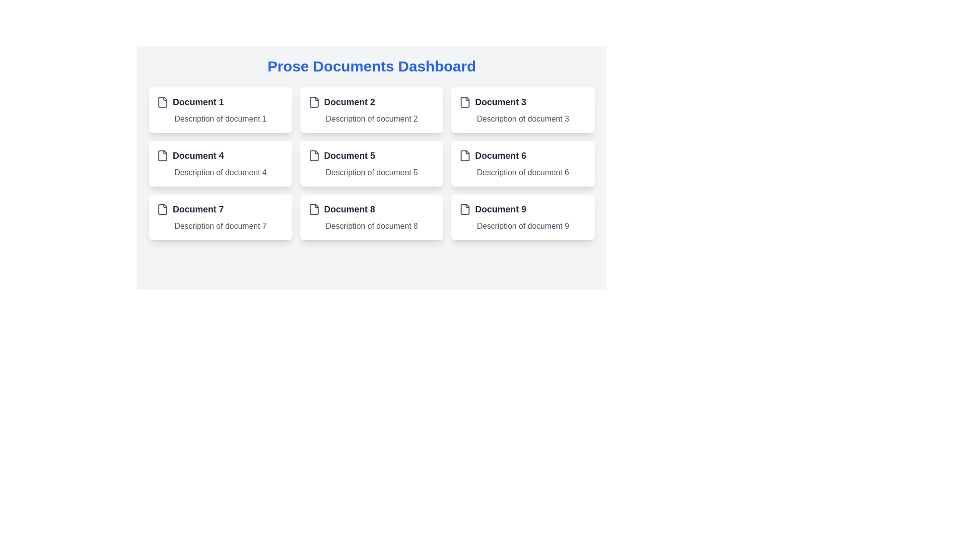 The width and height of the screenshot is (953, 536). I want to click on the descriptive Text label positioned directly beneath the header 'Document 8' in the eighth card of the grid layout, so click(371, 226).